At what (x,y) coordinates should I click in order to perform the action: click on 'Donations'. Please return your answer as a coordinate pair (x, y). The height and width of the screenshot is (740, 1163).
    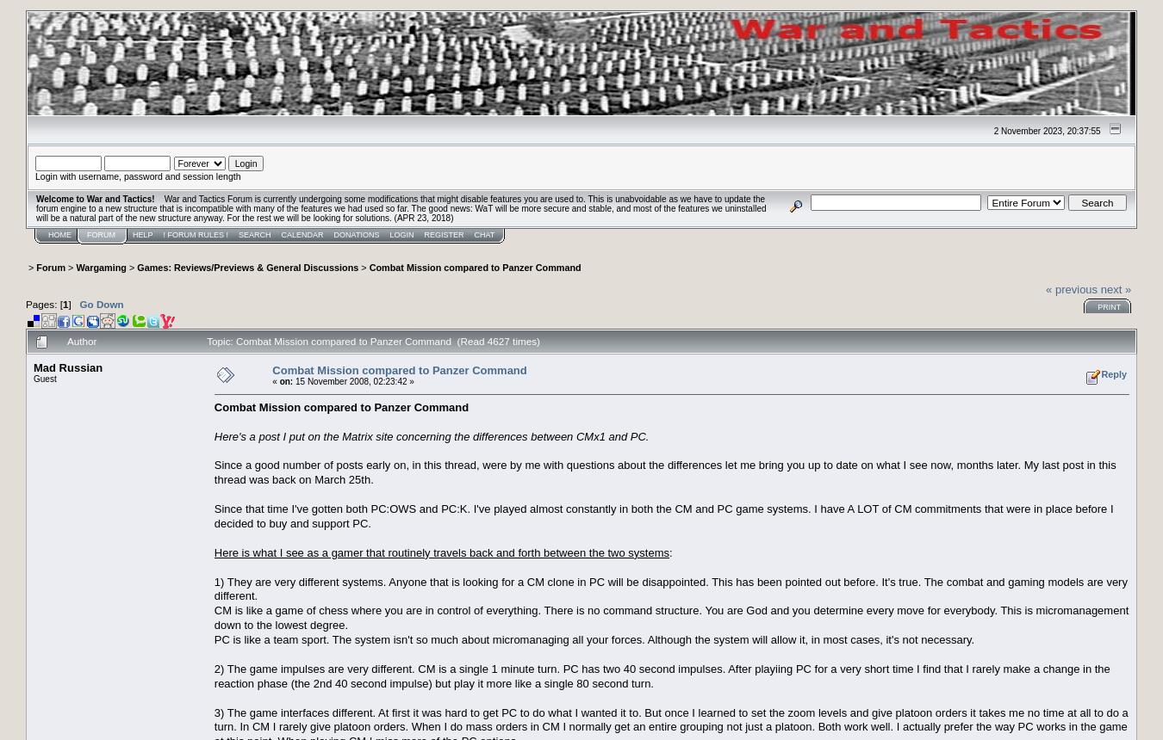
    Looking at the image, I should click on (333, 233).